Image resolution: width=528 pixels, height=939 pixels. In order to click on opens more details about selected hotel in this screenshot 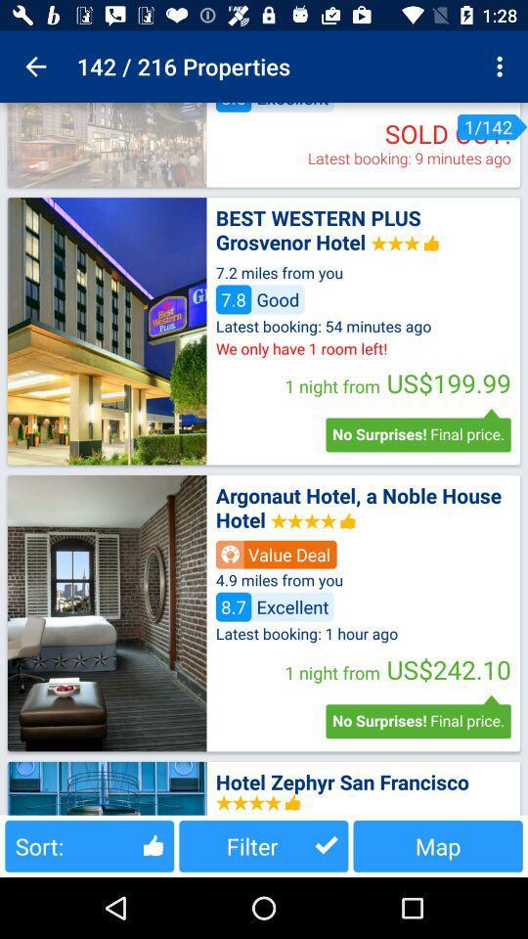, I will do `click(107, 331)`.